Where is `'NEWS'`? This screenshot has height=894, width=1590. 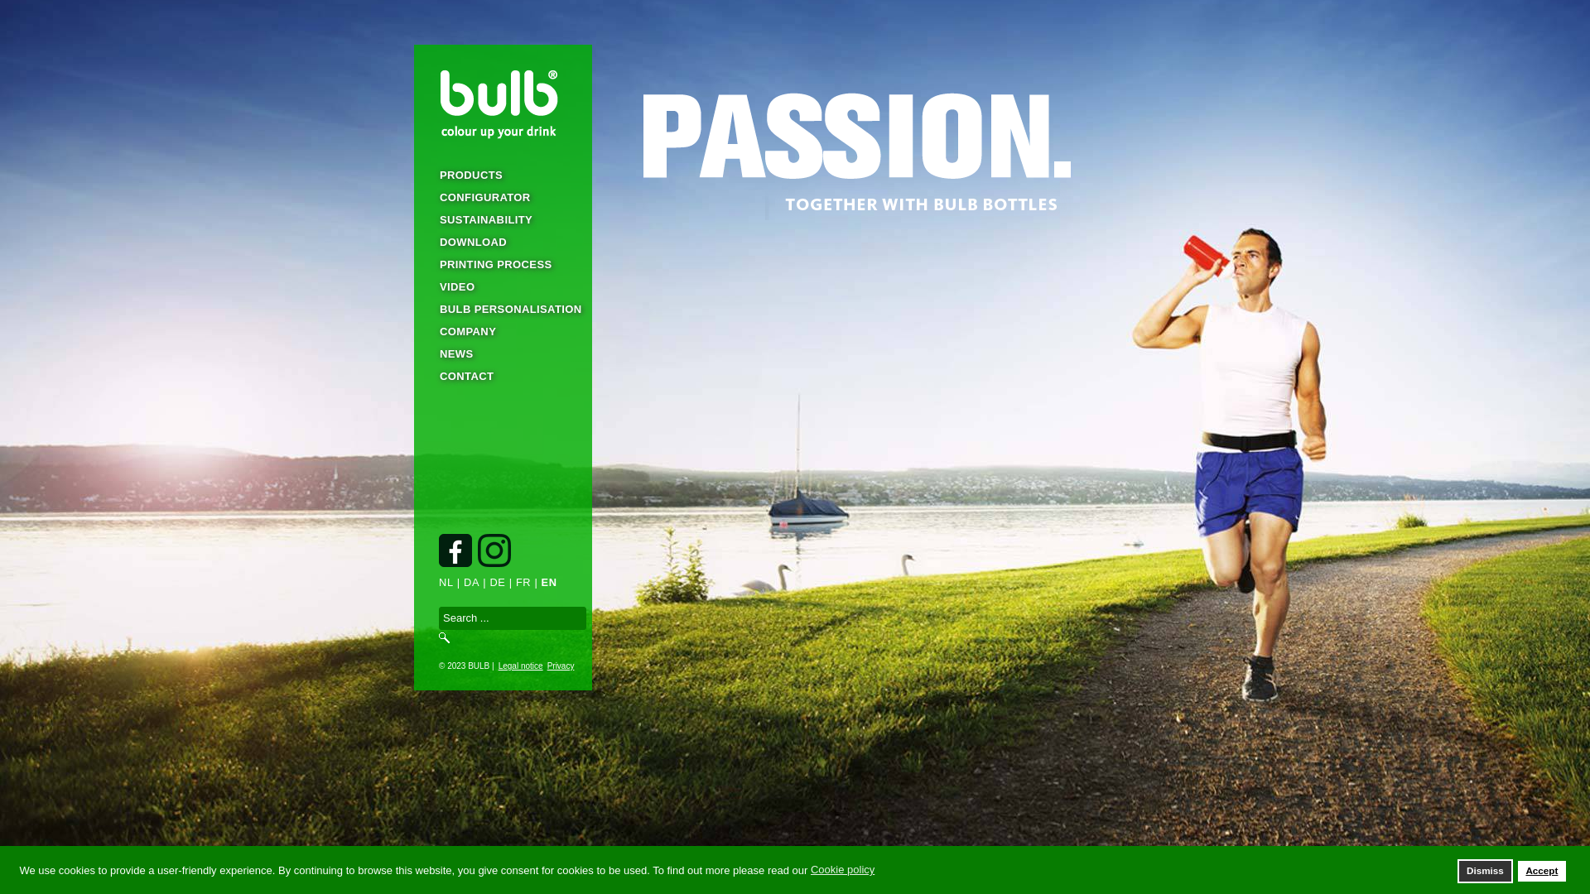
'NEWS' is located at coordinates (413, 353).